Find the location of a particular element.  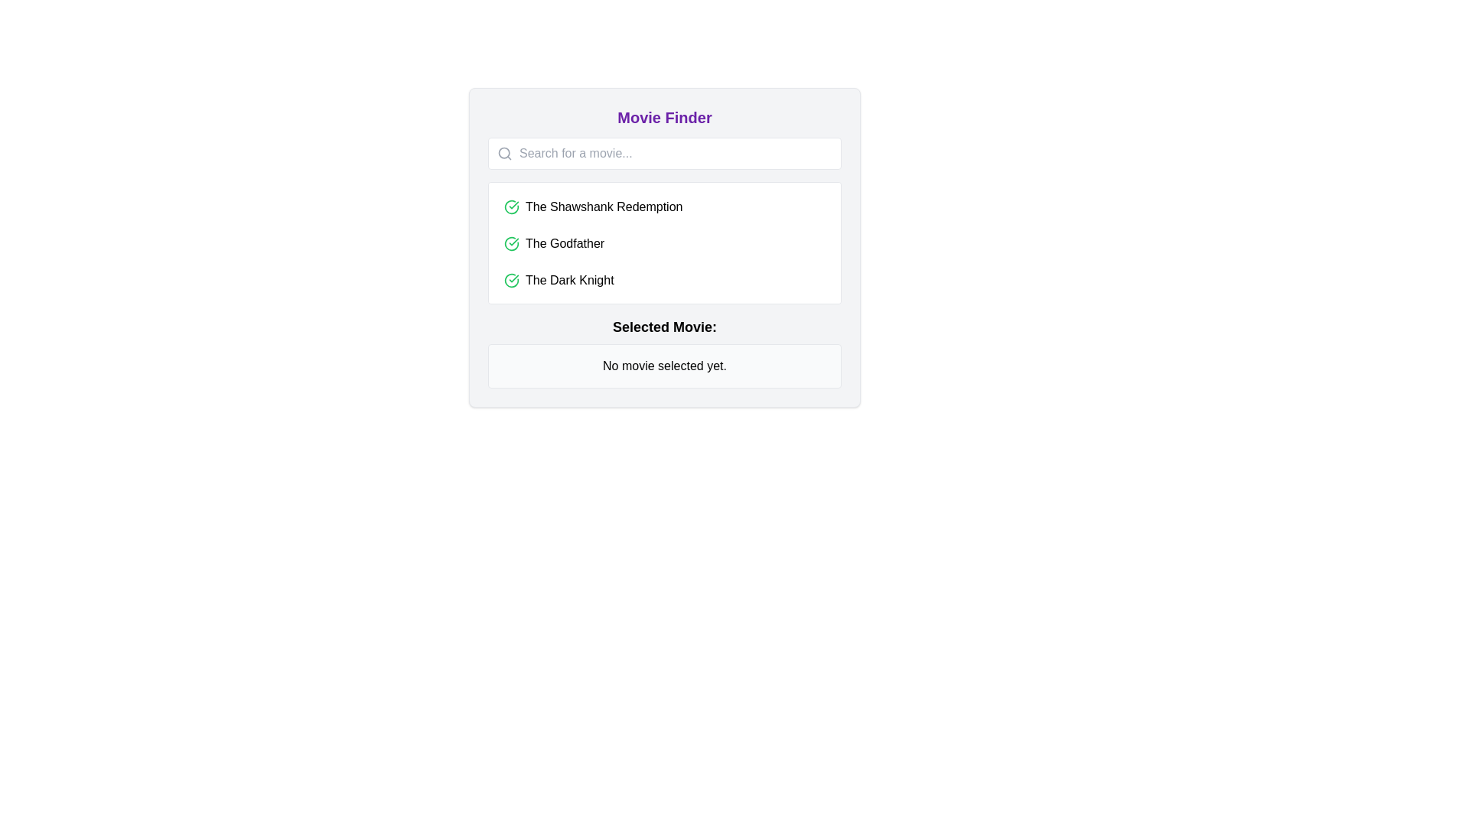

the scrollable list of selectable movie titles to understand its content is located at coordinates (664, 242).